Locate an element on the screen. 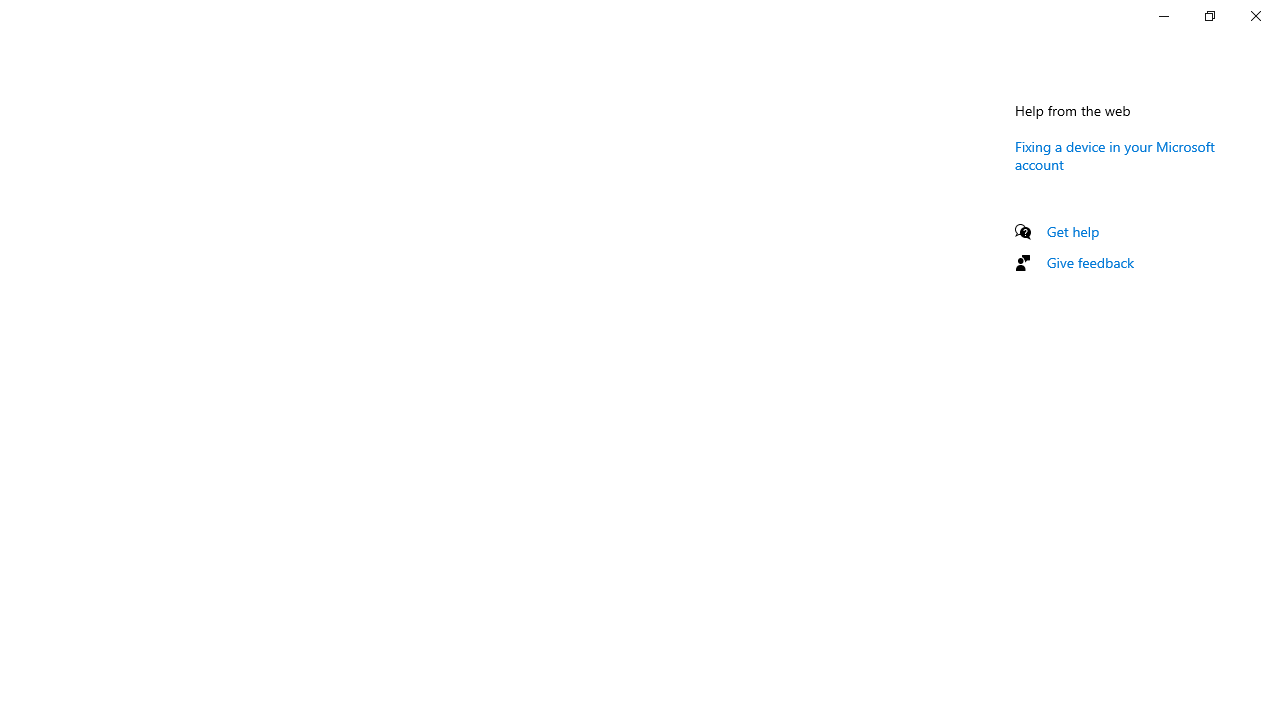 The width and height of the screenshot is (1279, 719). 'Get help' is located at coordinates (1072, 230).